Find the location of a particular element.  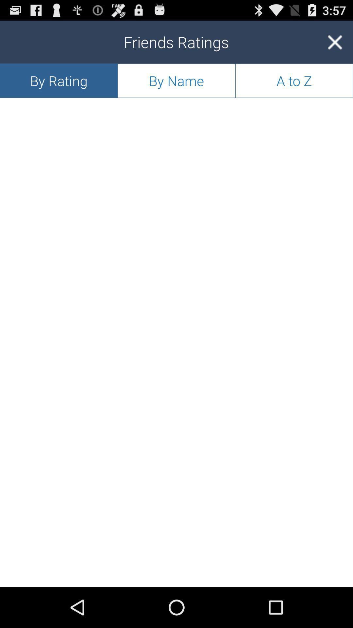

by rating app is located at coordinates (59, 80).